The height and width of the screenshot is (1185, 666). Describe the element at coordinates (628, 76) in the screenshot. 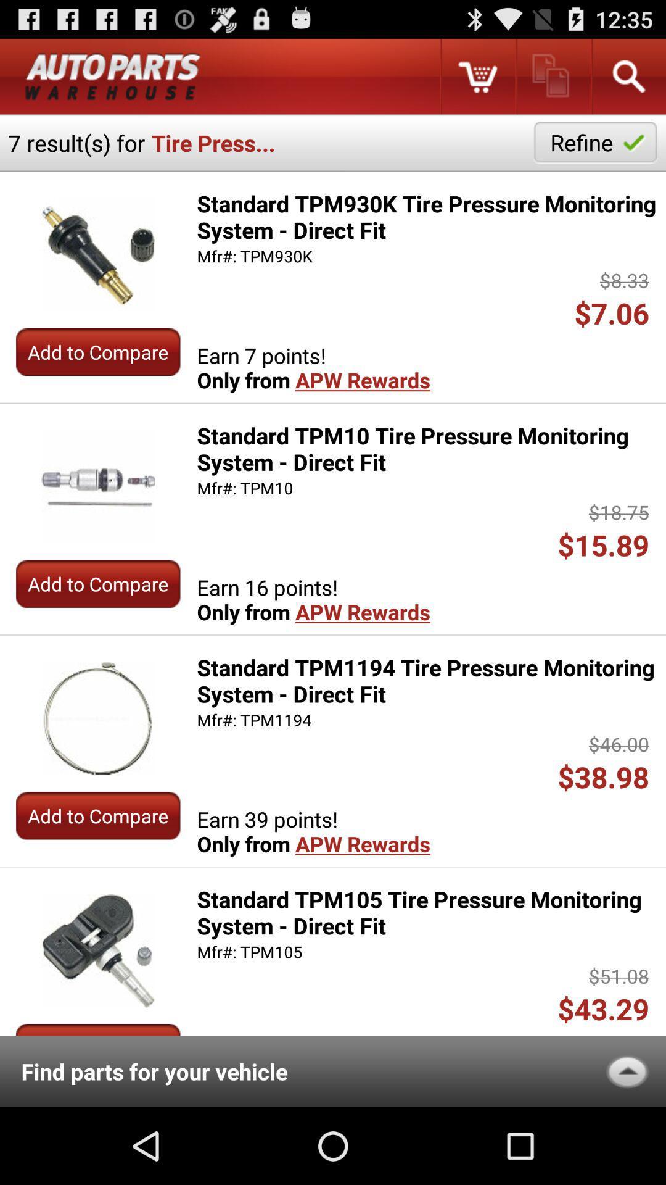

I see `searching the process` at that location.